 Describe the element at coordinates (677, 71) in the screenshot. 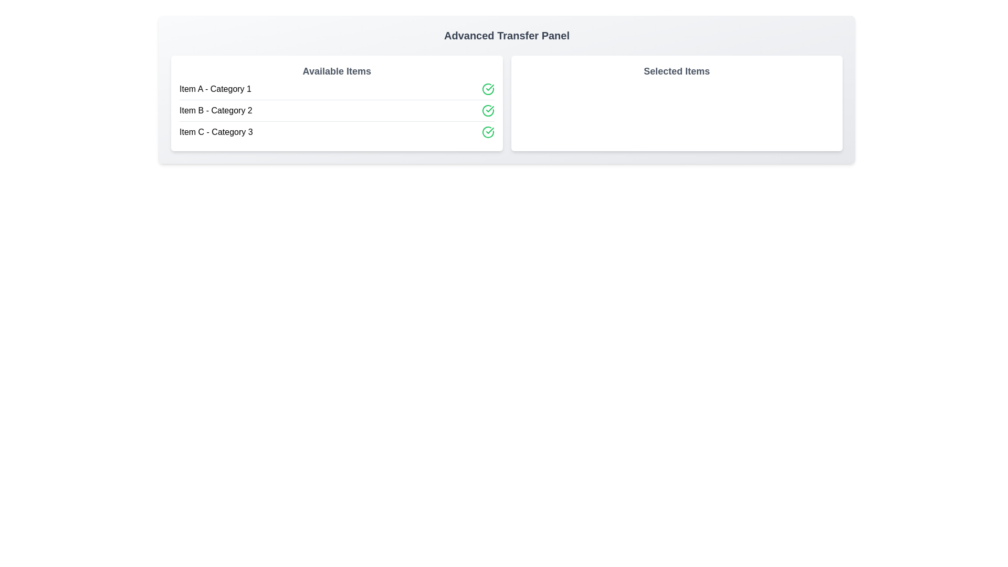

I see `the 'Selected Items' text label displayed in bold gray font, which is positioned prominently within a white card on the right side of the layout` at that location.